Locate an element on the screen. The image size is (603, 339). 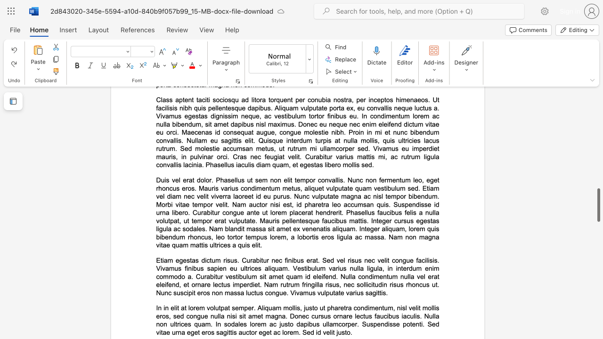
the subset text "Nulla condimentum" within the text "Etiam egestas dictum risus. Curabitur nec finibus erat. Sed vel risus nec velit congue facilisis. Vivamus finibus sapien eu ultrices aliquam. Vestibulum varius nulla ligula, in interdum enim commodo a. Curabitur vestibulum sit amet quam id eleifend. Nulla condimentum nulla vel erat eleifend, et ornare lectus imperdiet. Nam rutrum fringilla risus, nec sollicitudin risus rhoncus ut. Nunc suscipit eros non massa luctus congue. Vivamus vulputate varius sagittis." is located at coordinates (340, 276).